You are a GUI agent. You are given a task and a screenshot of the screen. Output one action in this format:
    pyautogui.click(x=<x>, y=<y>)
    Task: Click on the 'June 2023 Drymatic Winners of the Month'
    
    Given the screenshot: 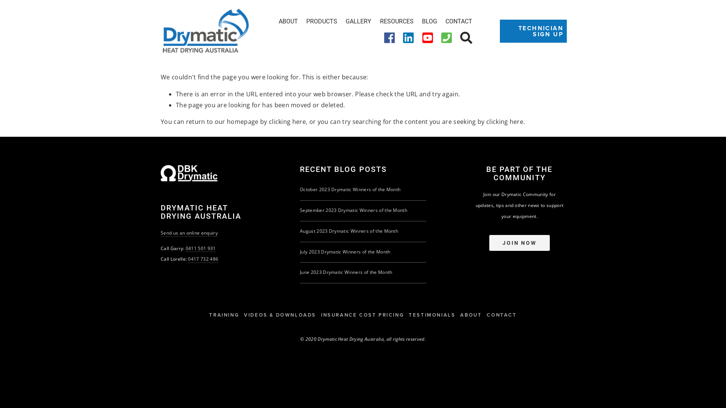 What is the action you would take?
    pyautogui.click(x=299, y=272)
    